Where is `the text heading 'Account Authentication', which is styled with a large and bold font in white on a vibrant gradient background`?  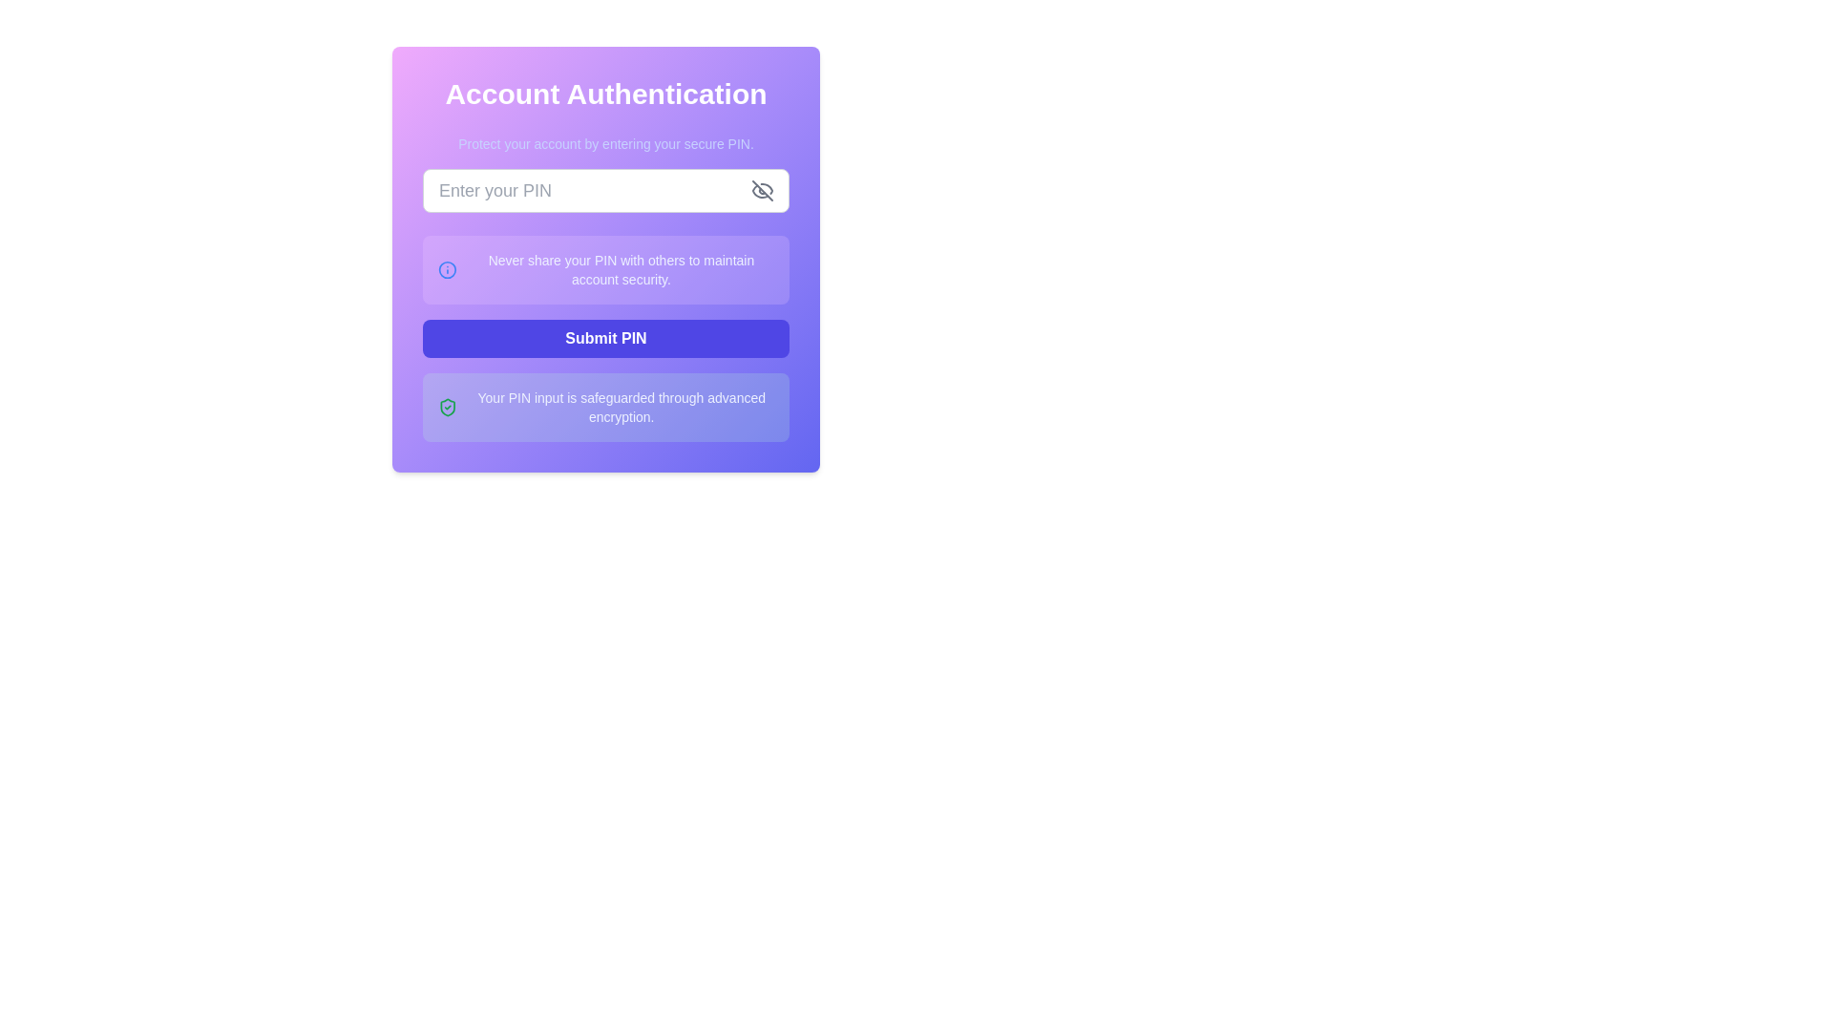 the text heading 'Account Authentication', which is styled with a large and bold font in white on a vibrant gradient background is located at coordinates (604, 95).